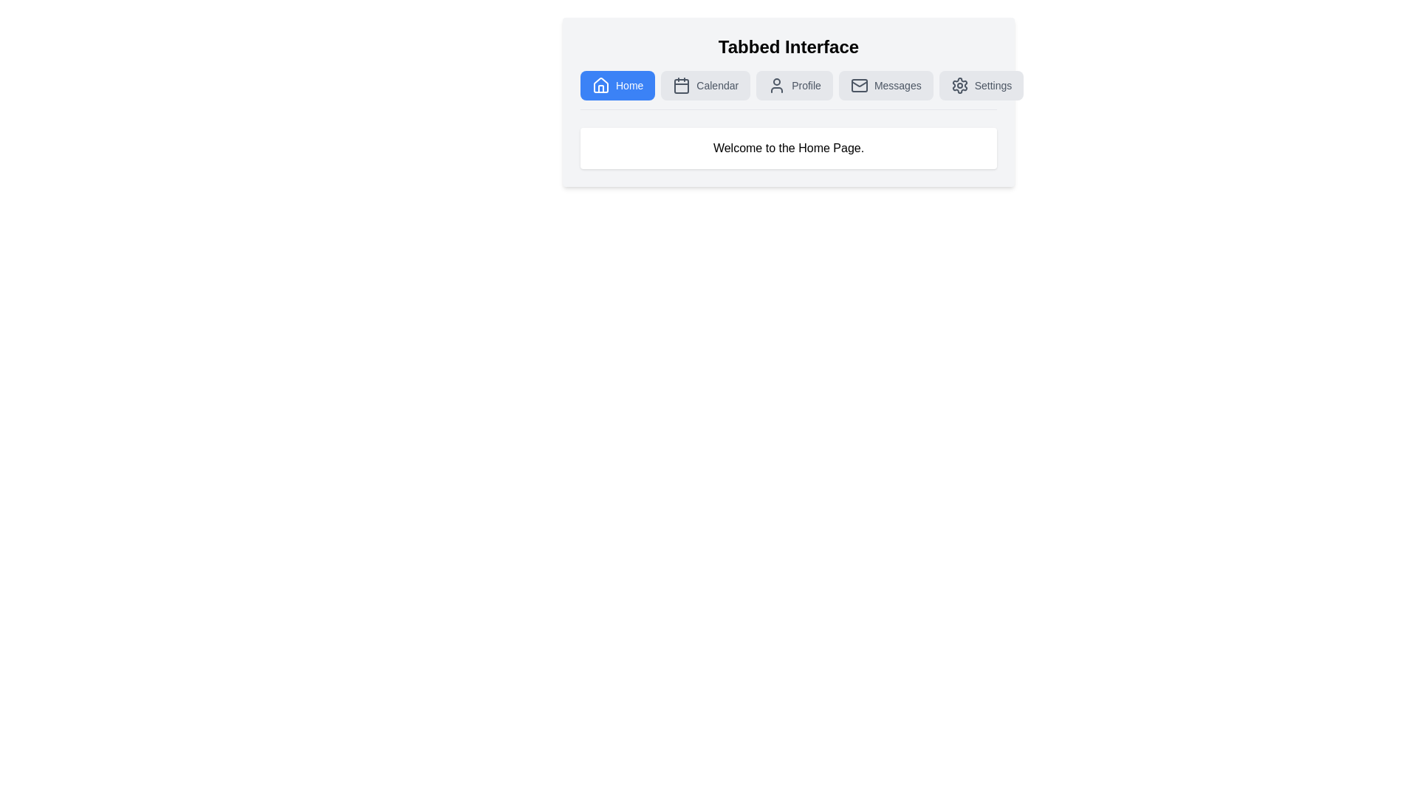 The width and height of the screenshot is (1418, 798). Describe the element at coordinates (788, 148) in the screenshot. I see `the greeting text box located centrally below the tabbed navigation menu, which indicates that the user is on the home page of the application` at that location.